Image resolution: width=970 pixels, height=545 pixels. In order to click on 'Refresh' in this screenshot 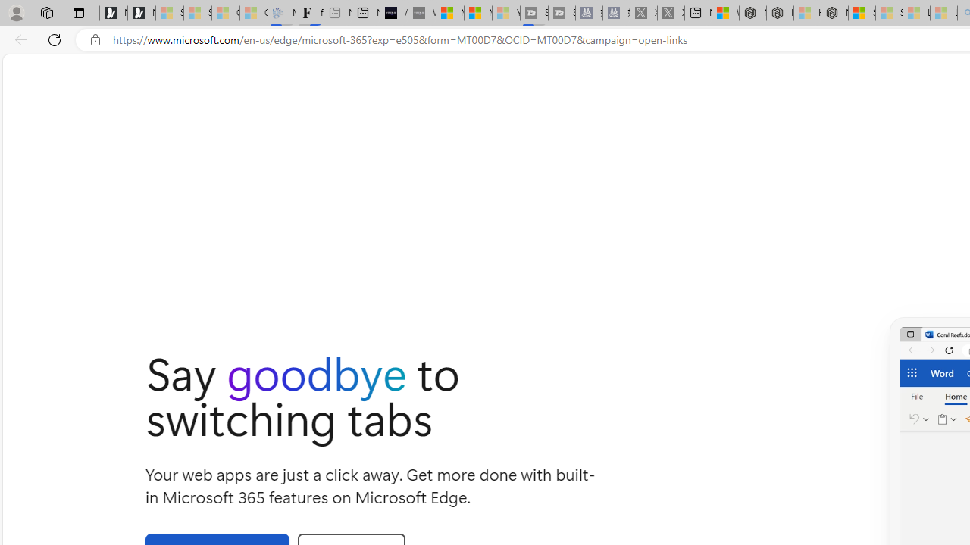, I will do `click(55, 39)`.